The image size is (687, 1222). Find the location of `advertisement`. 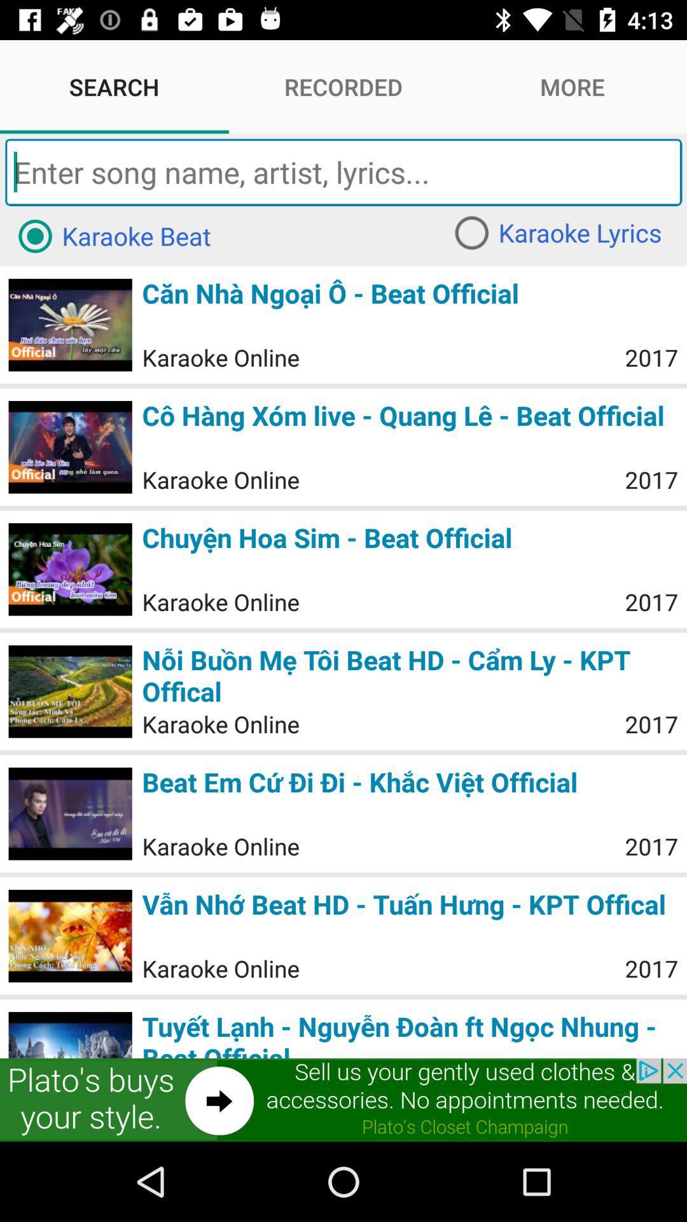

advertisement is located at coordinates (343, 1099).